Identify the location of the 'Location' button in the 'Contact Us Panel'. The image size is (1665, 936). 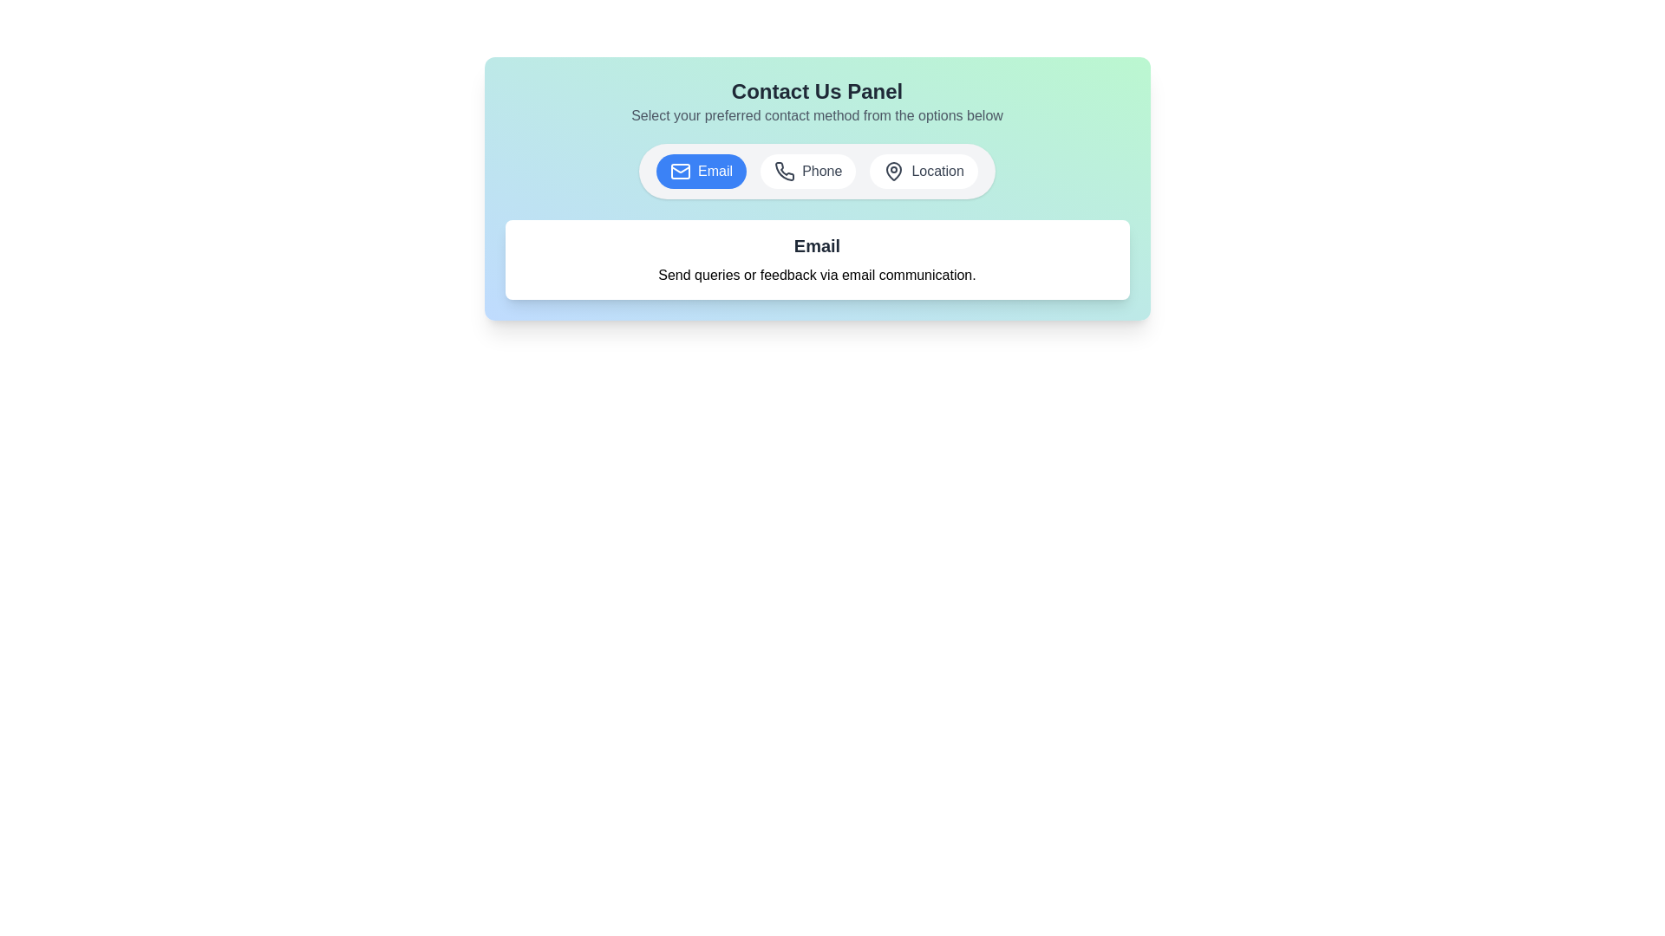
(923, 171).